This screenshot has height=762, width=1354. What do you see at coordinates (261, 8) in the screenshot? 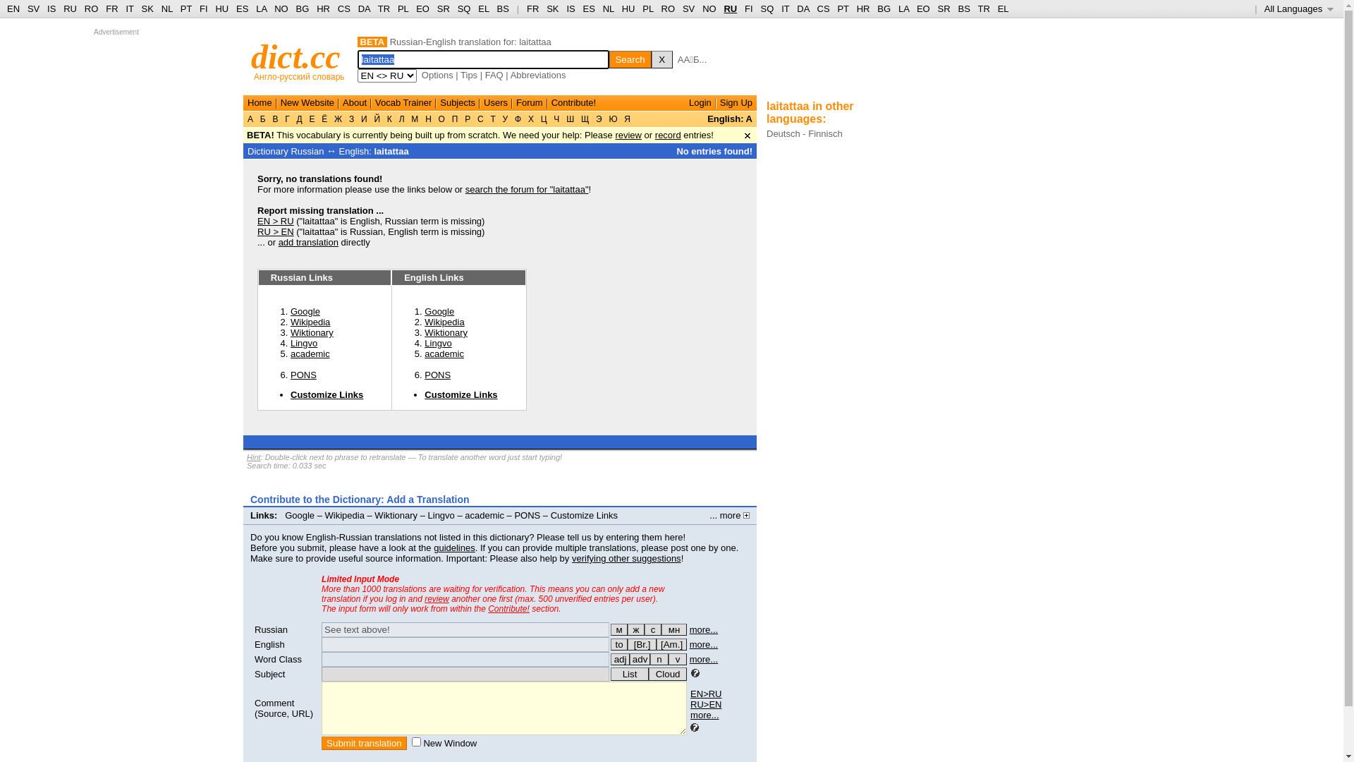
I see `'LA'` at bounding box center [261, 8].